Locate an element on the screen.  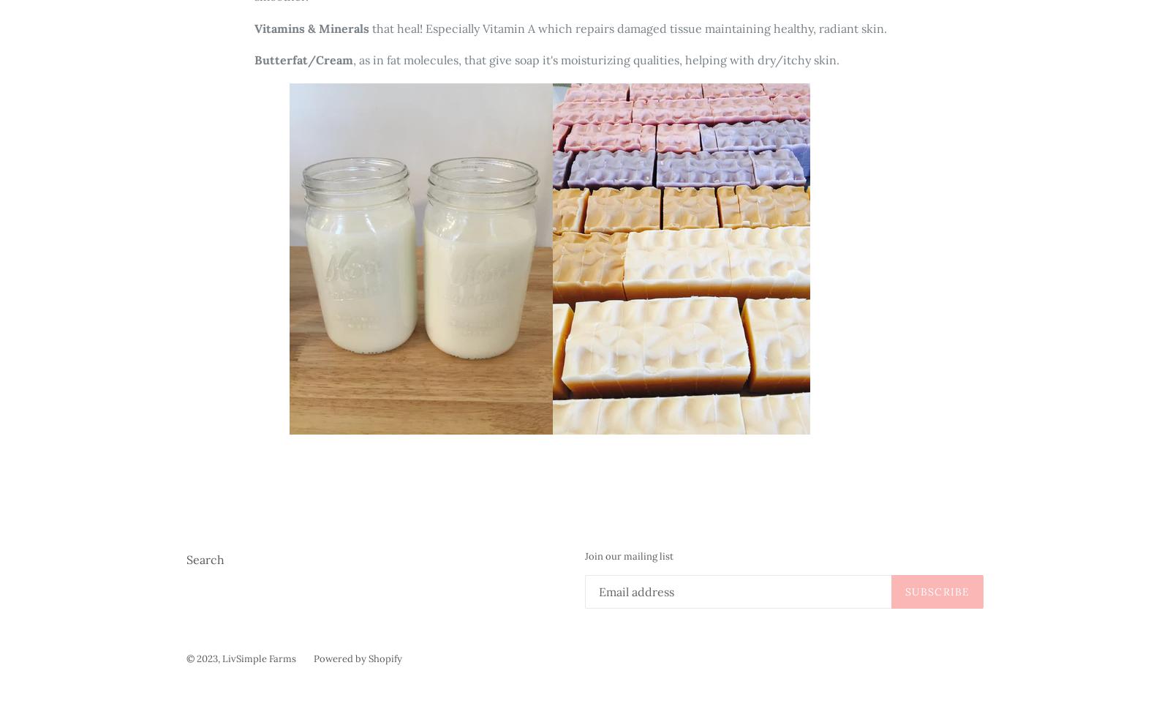
', as in fat molecules, that give soap it's moisturizing qualities, helping with dry/itchy skin.' is located at coordinates (352, 59).